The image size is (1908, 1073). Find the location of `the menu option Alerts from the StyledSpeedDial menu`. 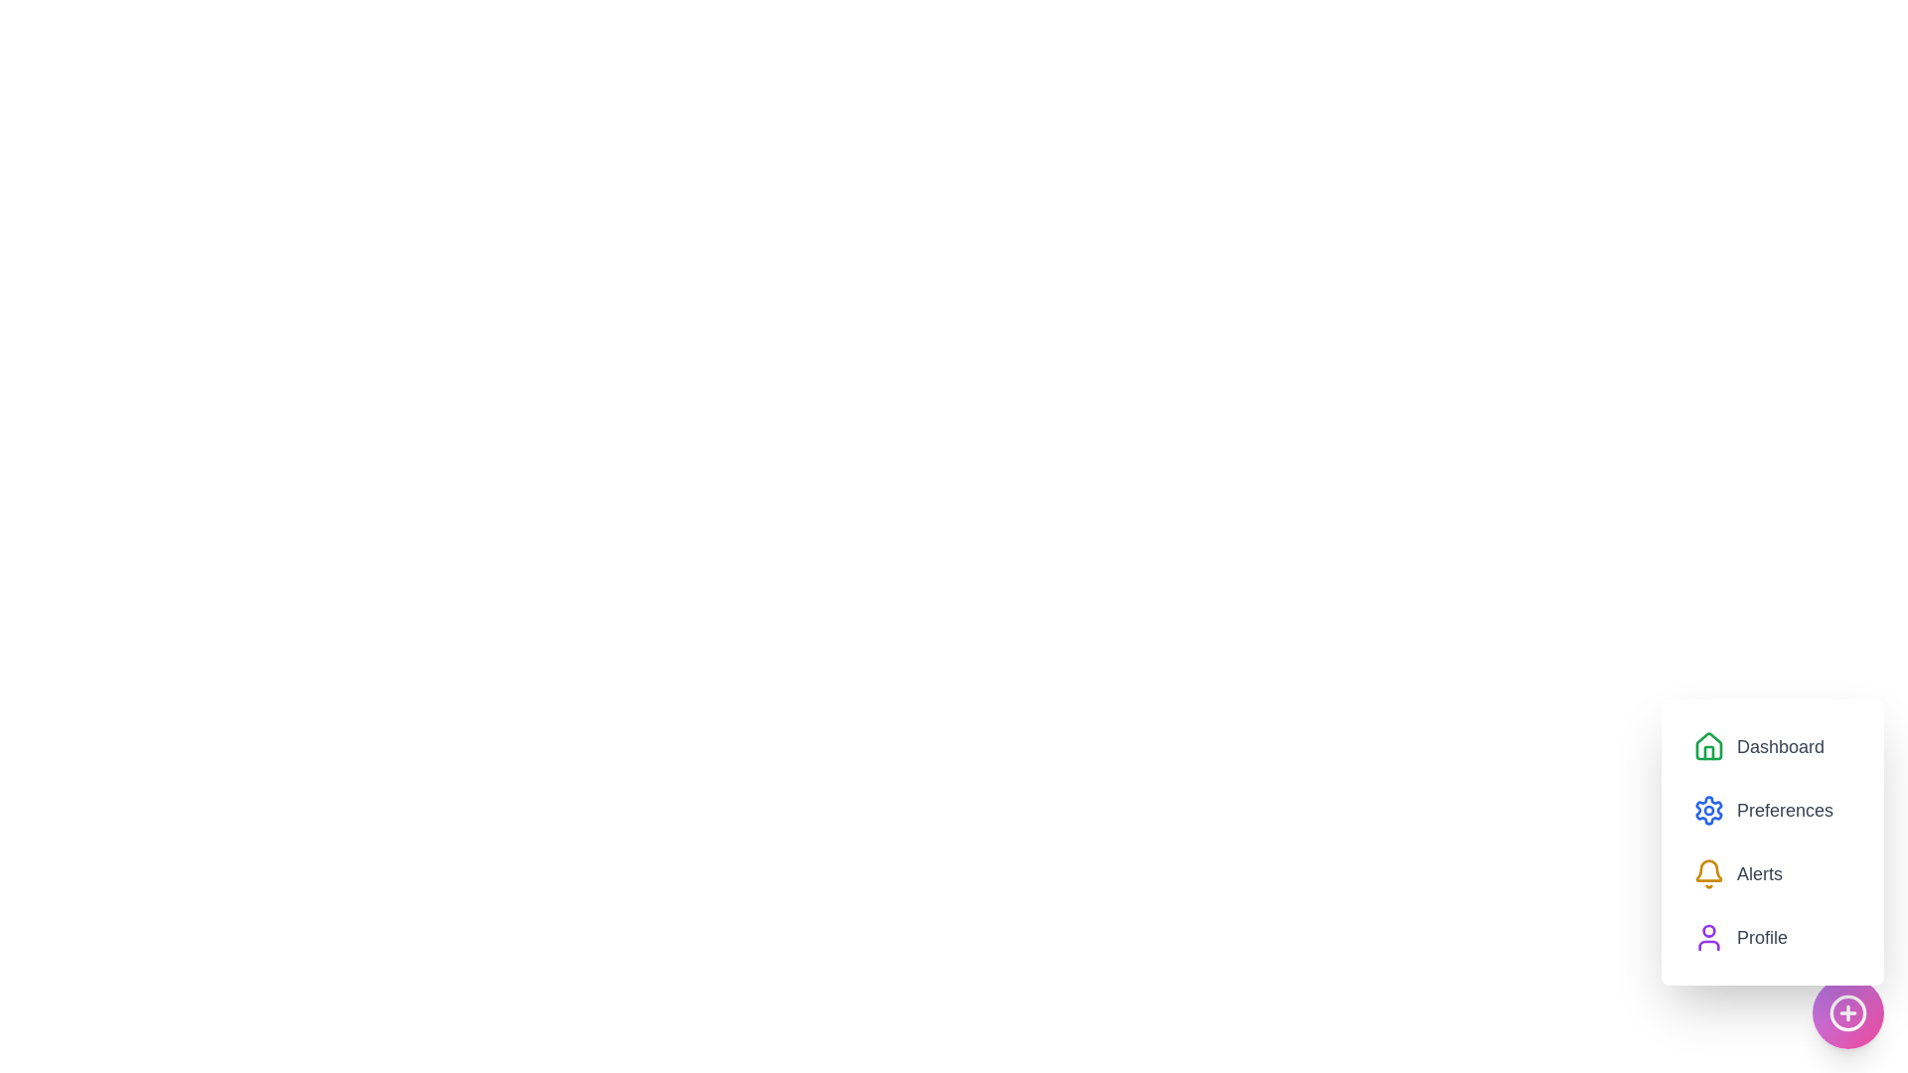

the menu option Alerts from the StyledSpeedDial menu is located at coordinates (1736, 872).